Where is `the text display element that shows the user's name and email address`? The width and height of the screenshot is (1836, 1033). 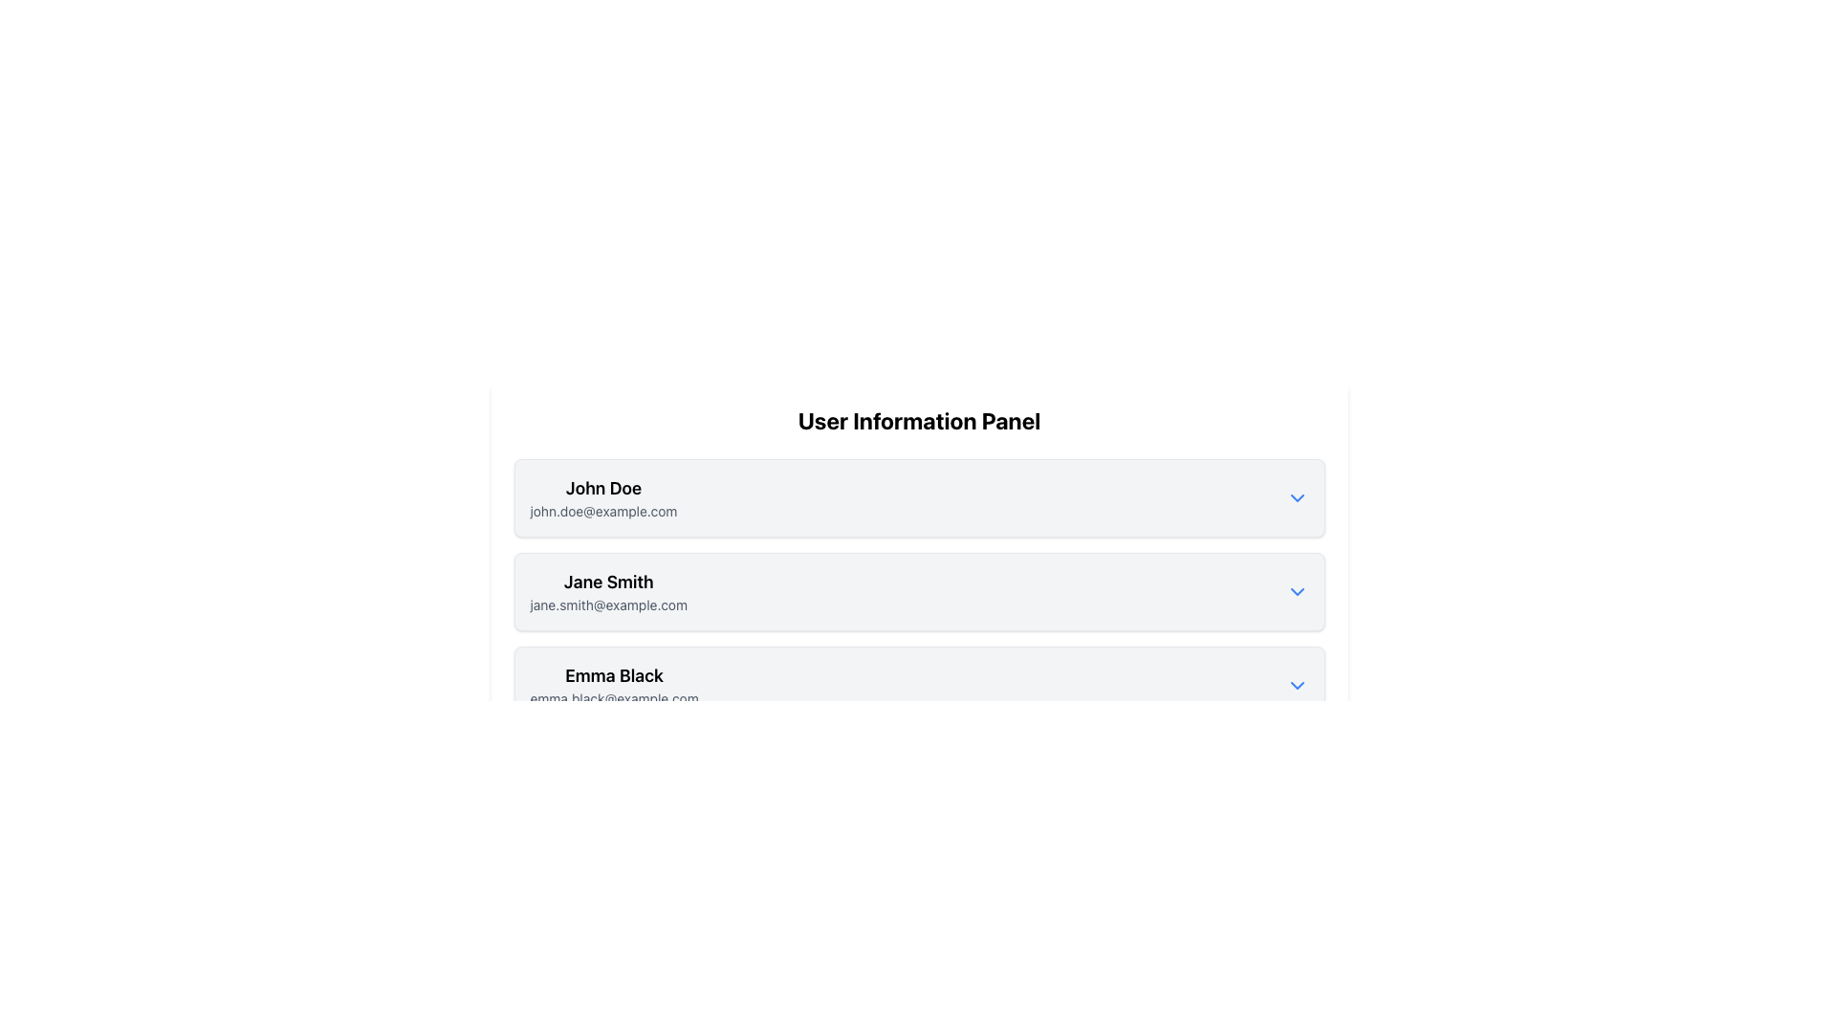 the text display element that shows the user's name and email address is located at coordinates (602, 496).